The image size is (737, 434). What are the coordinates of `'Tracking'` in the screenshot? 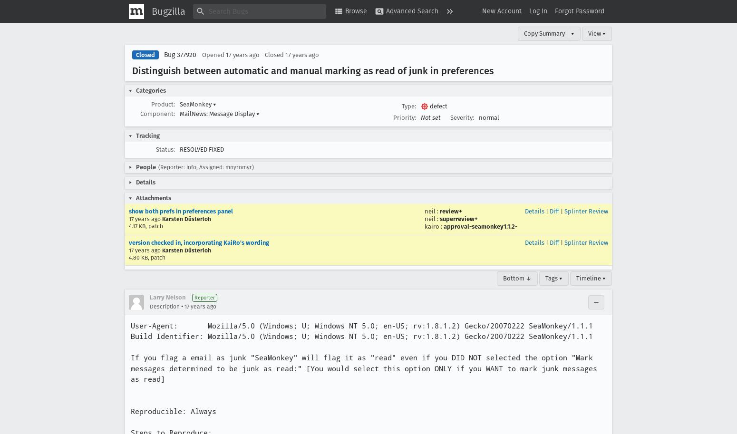 It's located at (147, 135).